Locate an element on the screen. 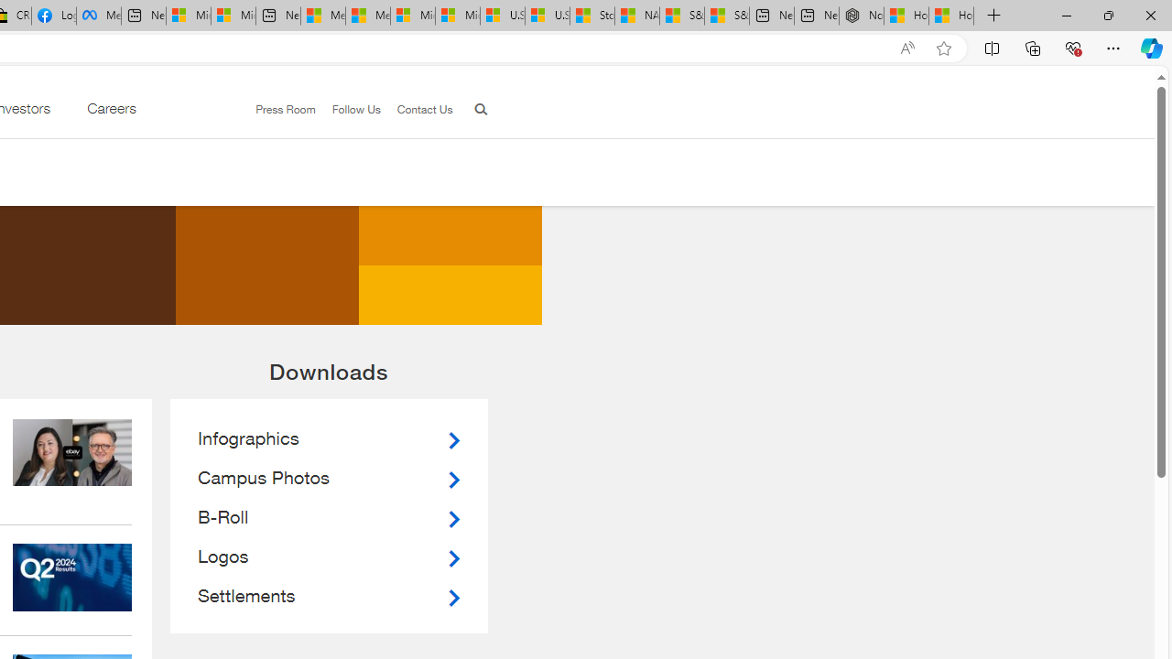  'Q2 2024 Results' is located at coordinates (72, 578).